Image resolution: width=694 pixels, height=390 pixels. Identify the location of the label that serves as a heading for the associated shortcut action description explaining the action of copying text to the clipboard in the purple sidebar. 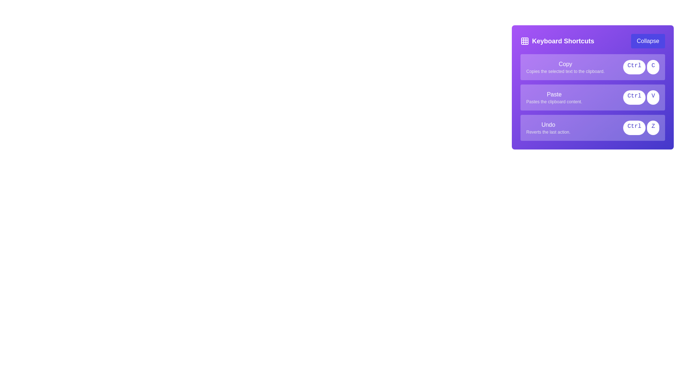
(565, 64).